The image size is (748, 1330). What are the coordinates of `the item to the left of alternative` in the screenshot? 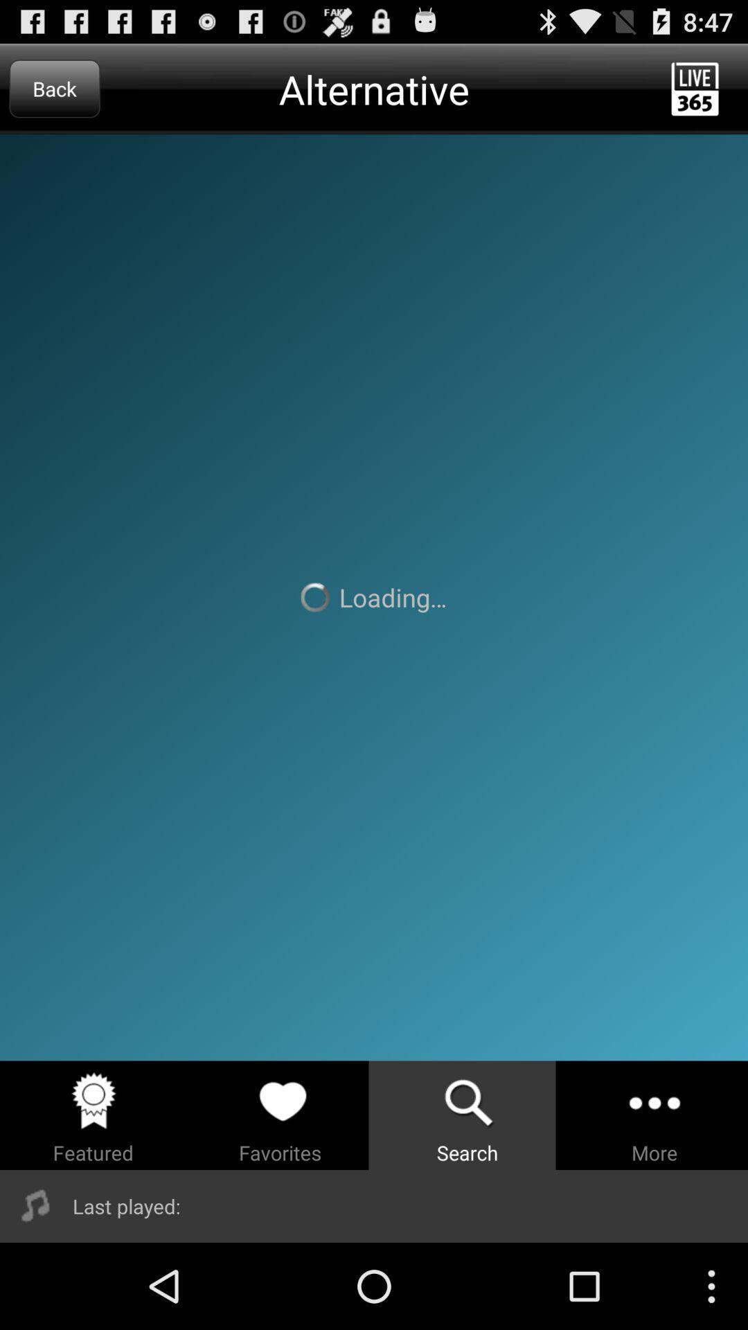 It's located at (54, 88).